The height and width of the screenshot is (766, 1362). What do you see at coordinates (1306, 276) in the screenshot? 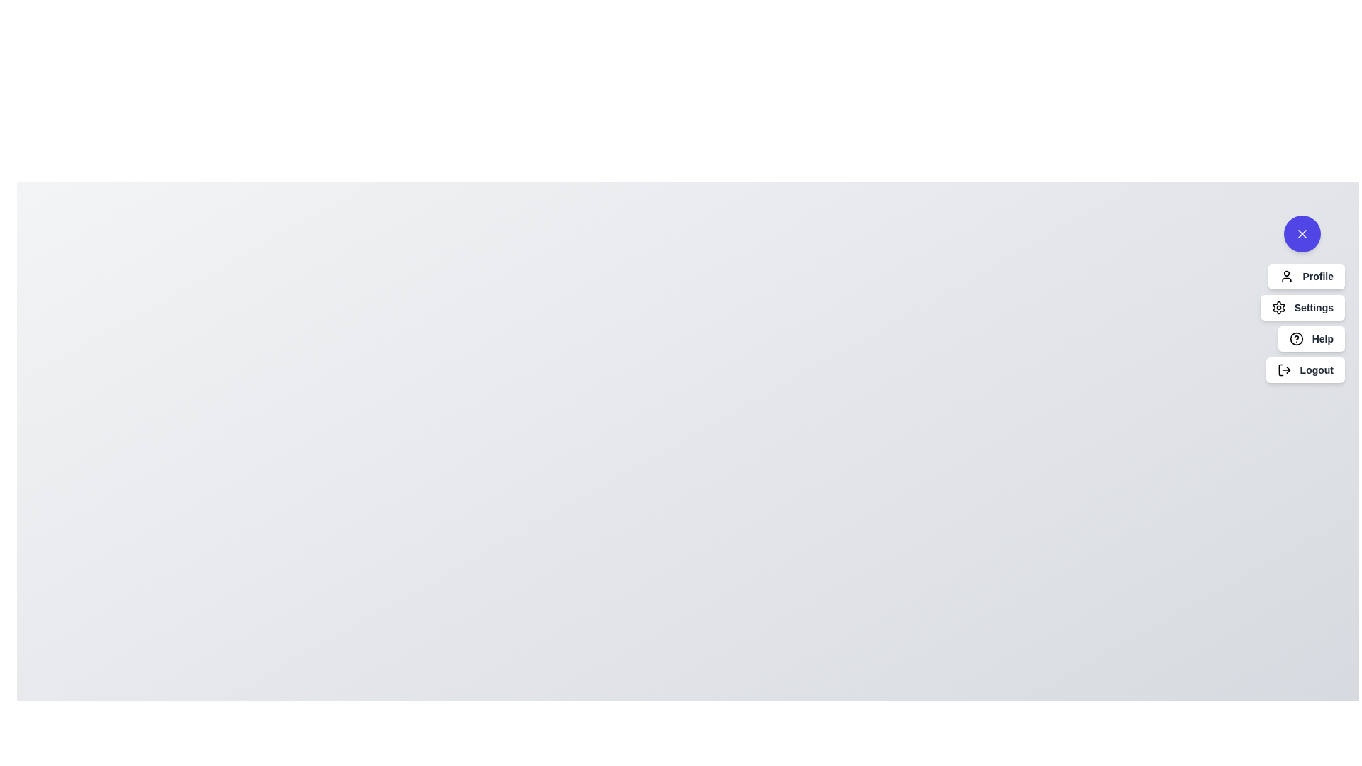
I see `the 'Profile' option in the UserActionsSpeedDial menu` at bounding box center [1306, 276].